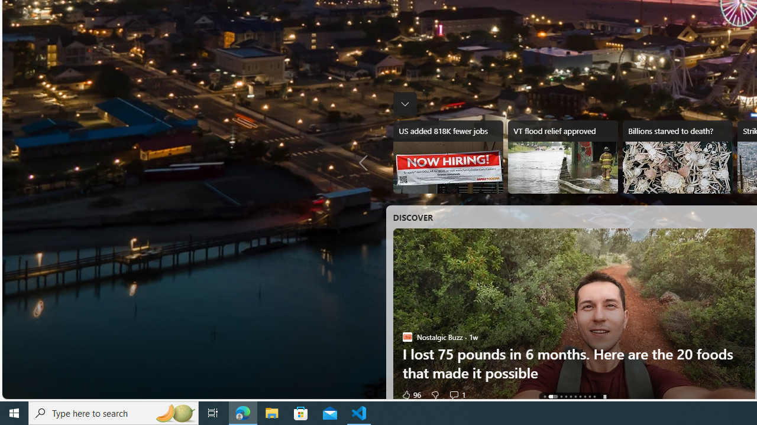 This screenshot has height=425, width=757. What do you see at coordinates (571, 397) in the screenshot?
I see `'AutomationID: tab-4'` at bounding box center [571, 397].